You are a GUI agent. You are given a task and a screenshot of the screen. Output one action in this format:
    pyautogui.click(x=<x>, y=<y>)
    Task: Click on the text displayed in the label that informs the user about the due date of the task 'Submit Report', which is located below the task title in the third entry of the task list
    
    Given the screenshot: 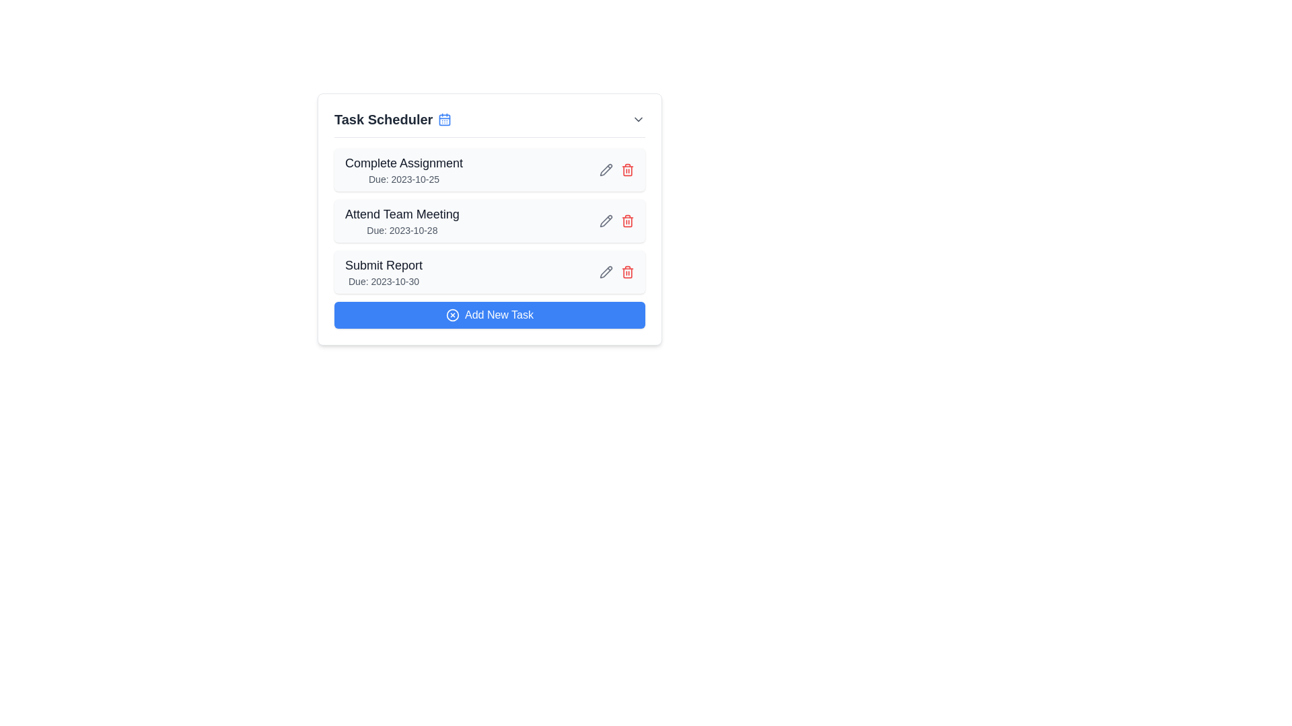 What is the action you would take?
    pyautogui.click(x=383, y=281)
    